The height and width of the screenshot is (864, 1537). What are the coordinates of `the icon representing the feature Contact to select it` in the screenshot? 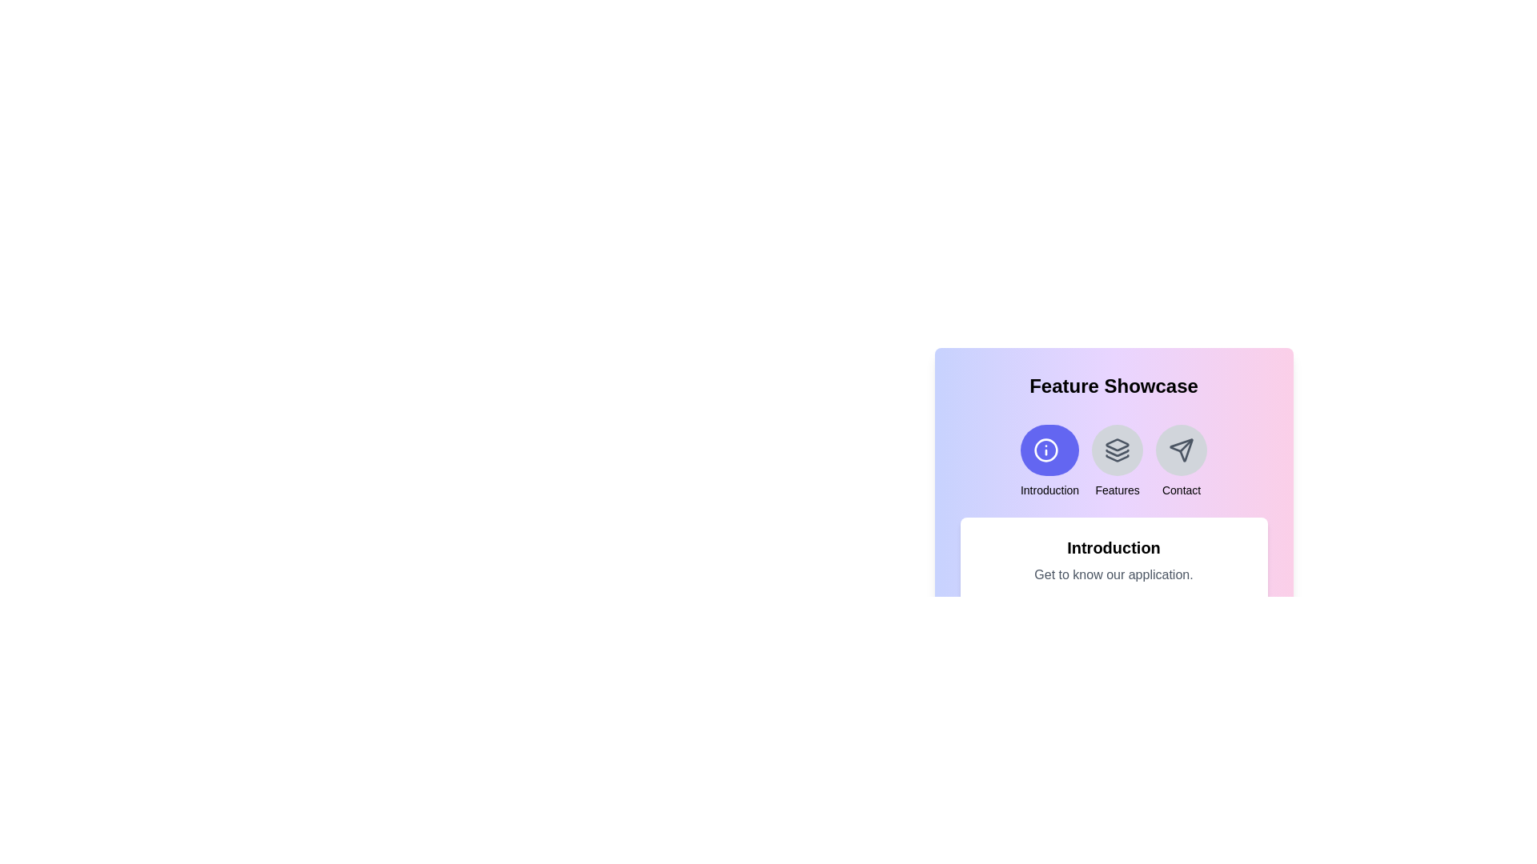 It's located at (1182, 450).